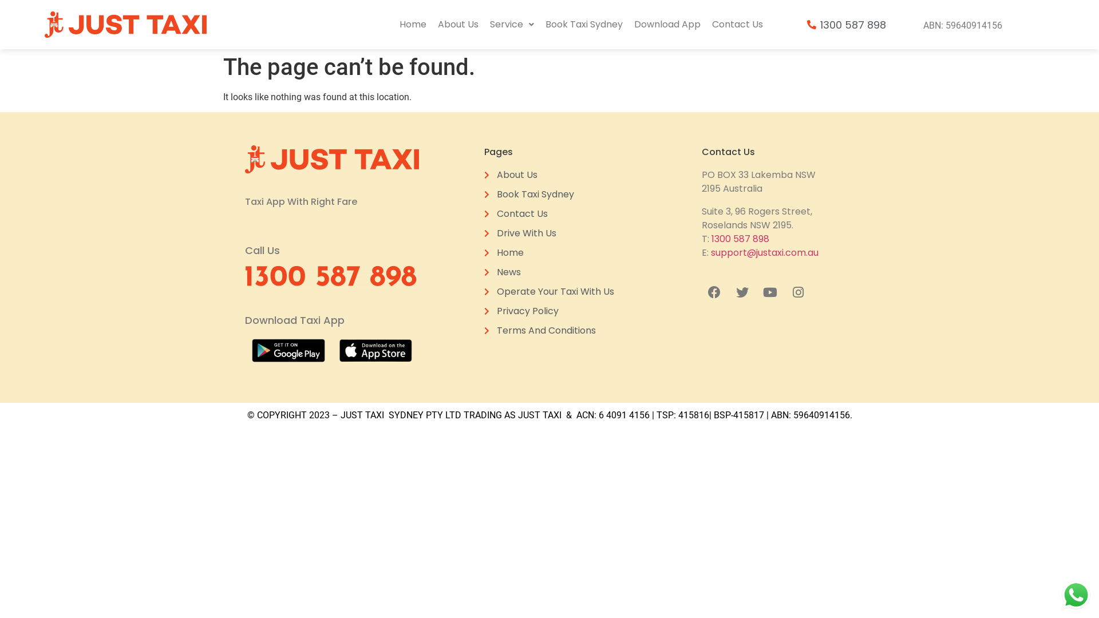  I want to click on 'Home', so click(393, 24).